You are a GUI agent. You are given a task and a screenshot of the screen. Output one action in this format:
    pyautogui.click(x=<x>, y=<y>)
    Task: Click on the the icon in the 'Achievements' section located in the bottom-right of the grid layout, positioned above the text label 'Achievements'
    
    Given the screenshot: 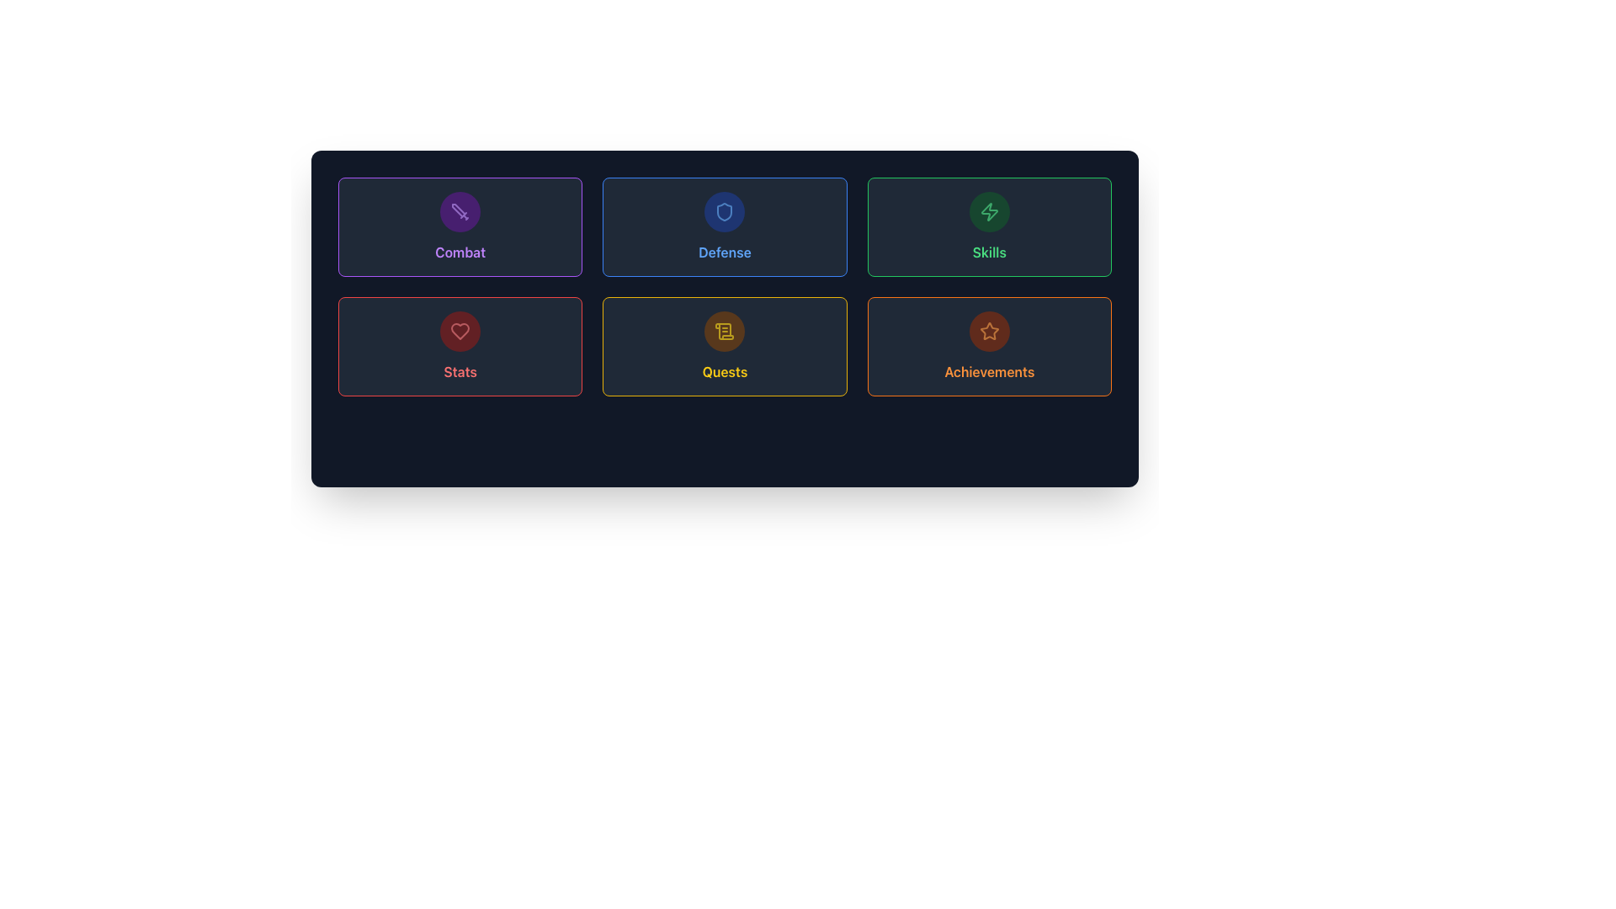 What is the action you would take?
    pyautogui.click(x=989, y=331)
    